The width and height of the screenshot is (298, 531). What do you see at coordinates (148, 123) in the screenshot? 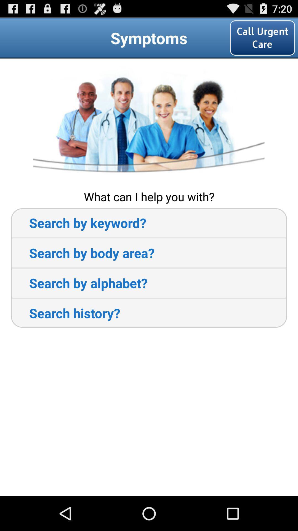
I see `item below call urgent care item` at bounding box center [148, 123].